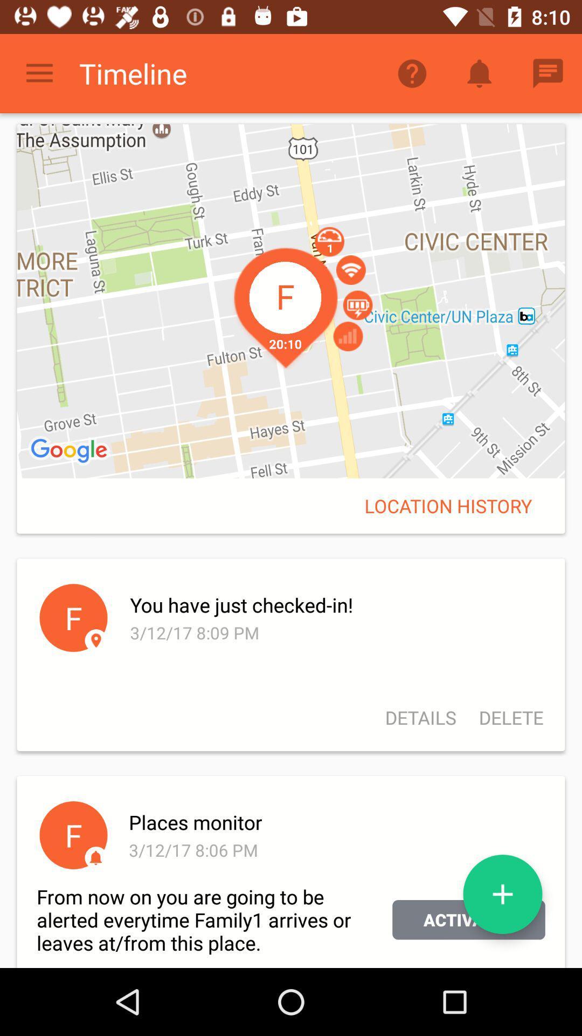 The image size is (582, 1036). Describe the element at coordinates (420, 718) in the screenshot. I see `the item next to delete icon` at that location.